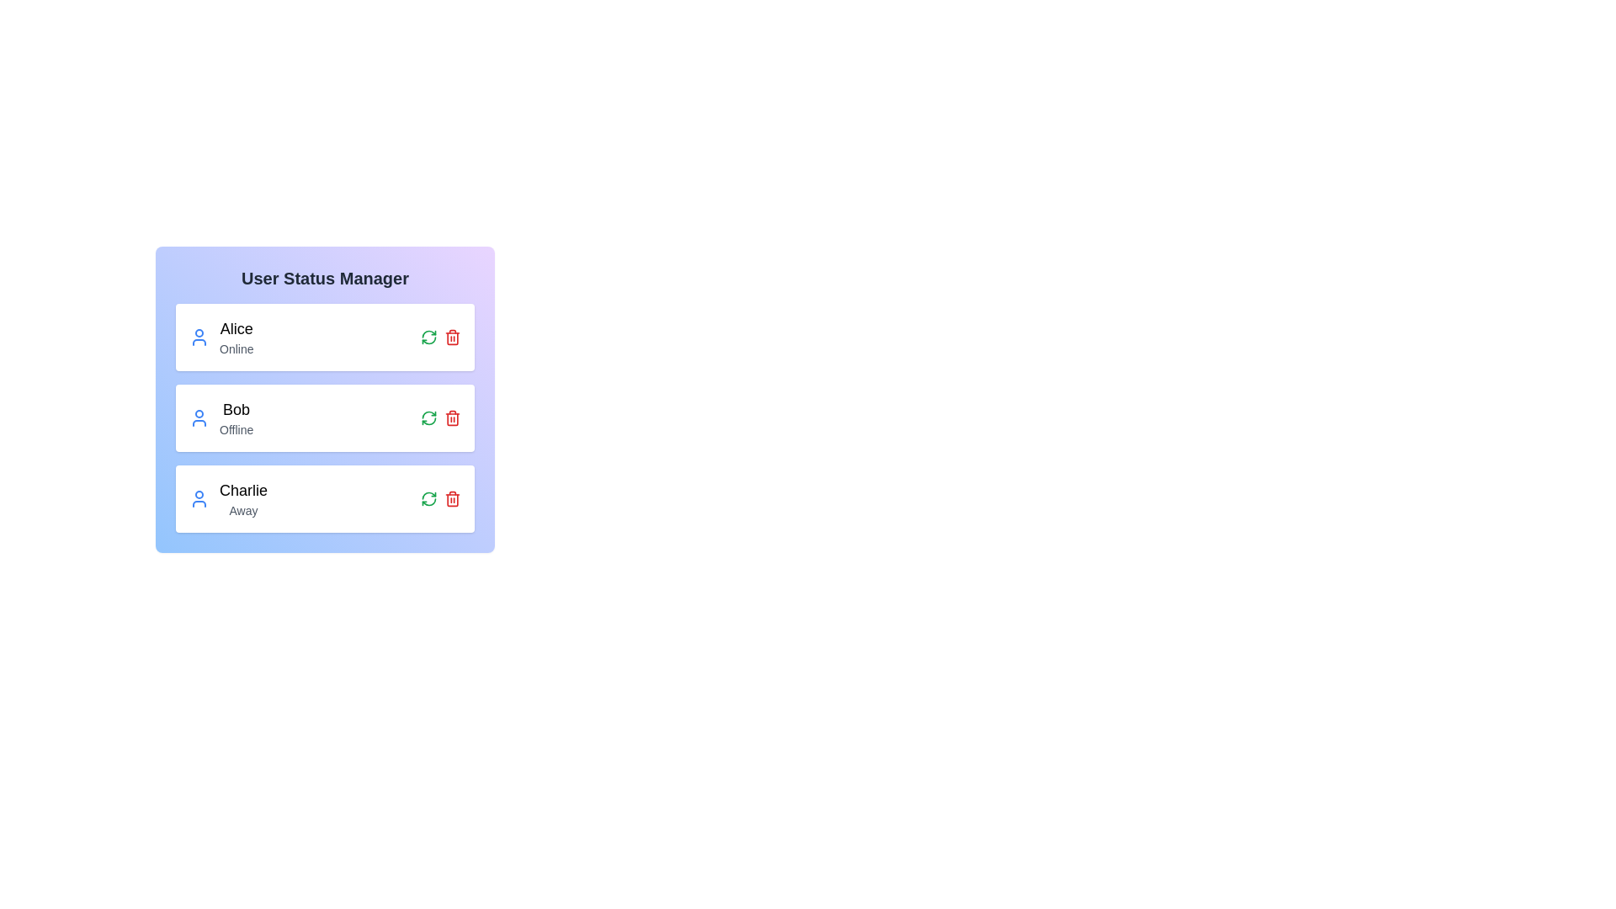 This screenshot has width=1616, height=909. I want to click on delete button corresponding to the user Charlie, so click(452, 498).